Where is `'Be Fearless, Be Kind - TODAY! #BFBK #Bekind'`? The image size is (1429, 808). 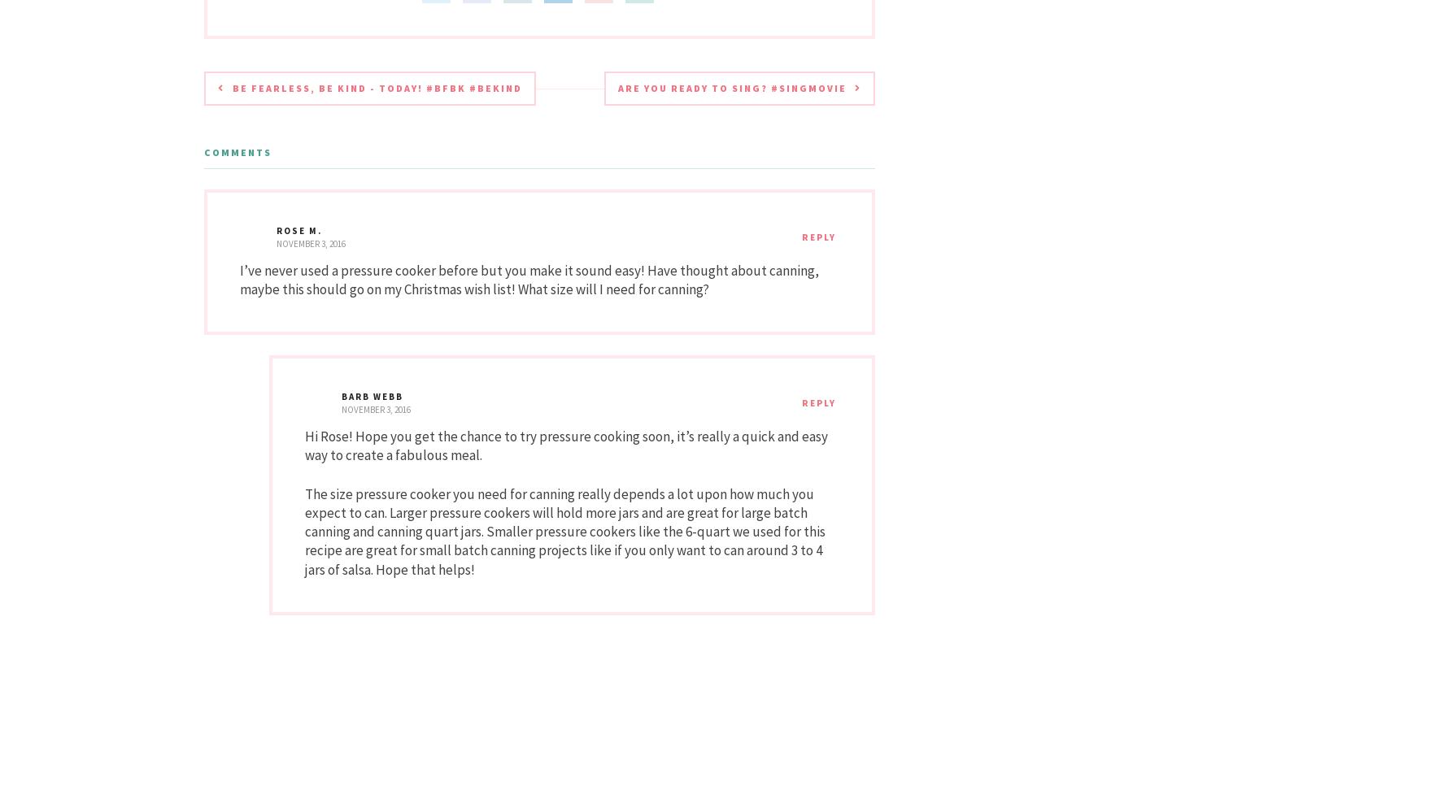 'Be Fearless, Be Kind - TODAY! #BFBK #Bekind' is located at coordinates (377, 87).